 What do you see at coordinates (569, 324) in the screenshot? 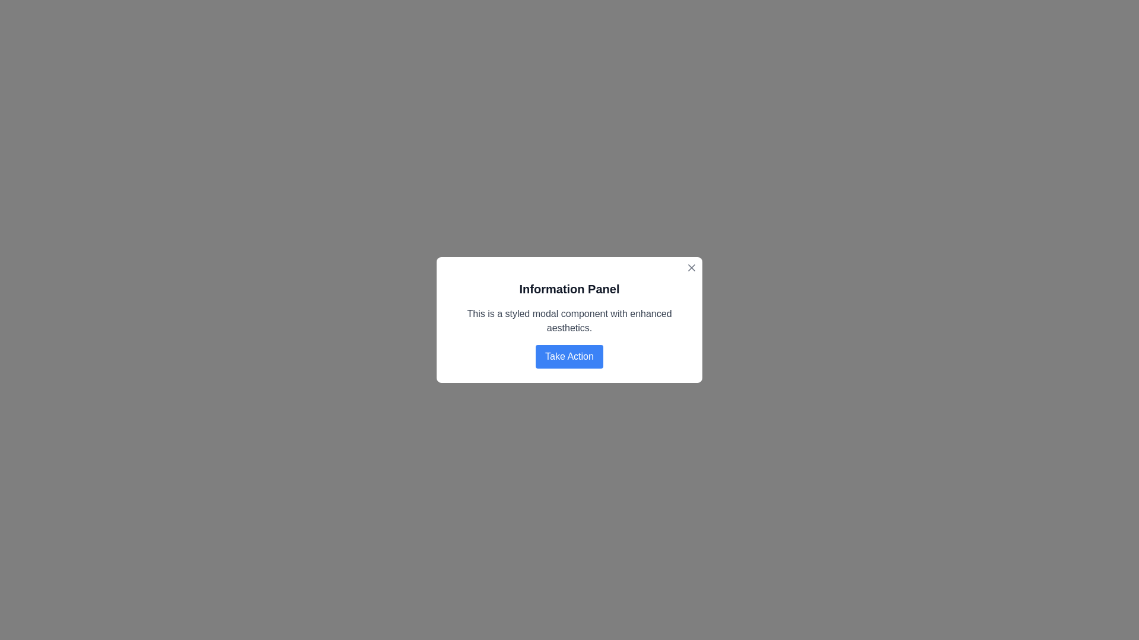
I see `information displayed on the central Informative panel located inside the white rectangular modal with rounded corners` at bounding box center [569, 324].